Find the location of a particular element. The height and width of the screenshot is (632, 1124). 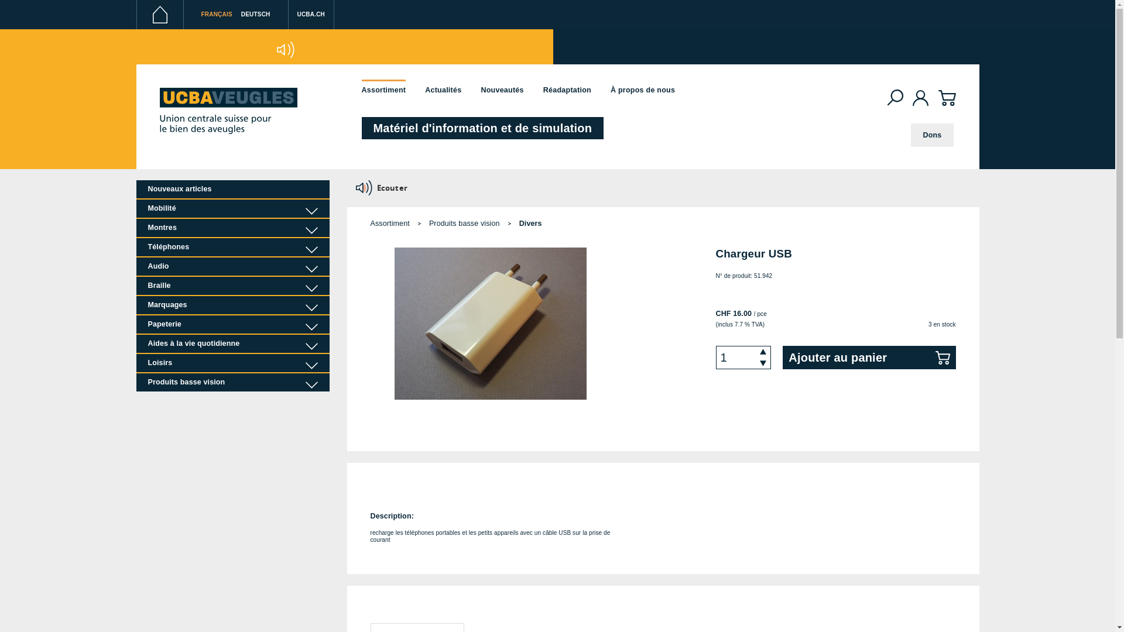

'Inverser' is located at coordinates (235, 49).